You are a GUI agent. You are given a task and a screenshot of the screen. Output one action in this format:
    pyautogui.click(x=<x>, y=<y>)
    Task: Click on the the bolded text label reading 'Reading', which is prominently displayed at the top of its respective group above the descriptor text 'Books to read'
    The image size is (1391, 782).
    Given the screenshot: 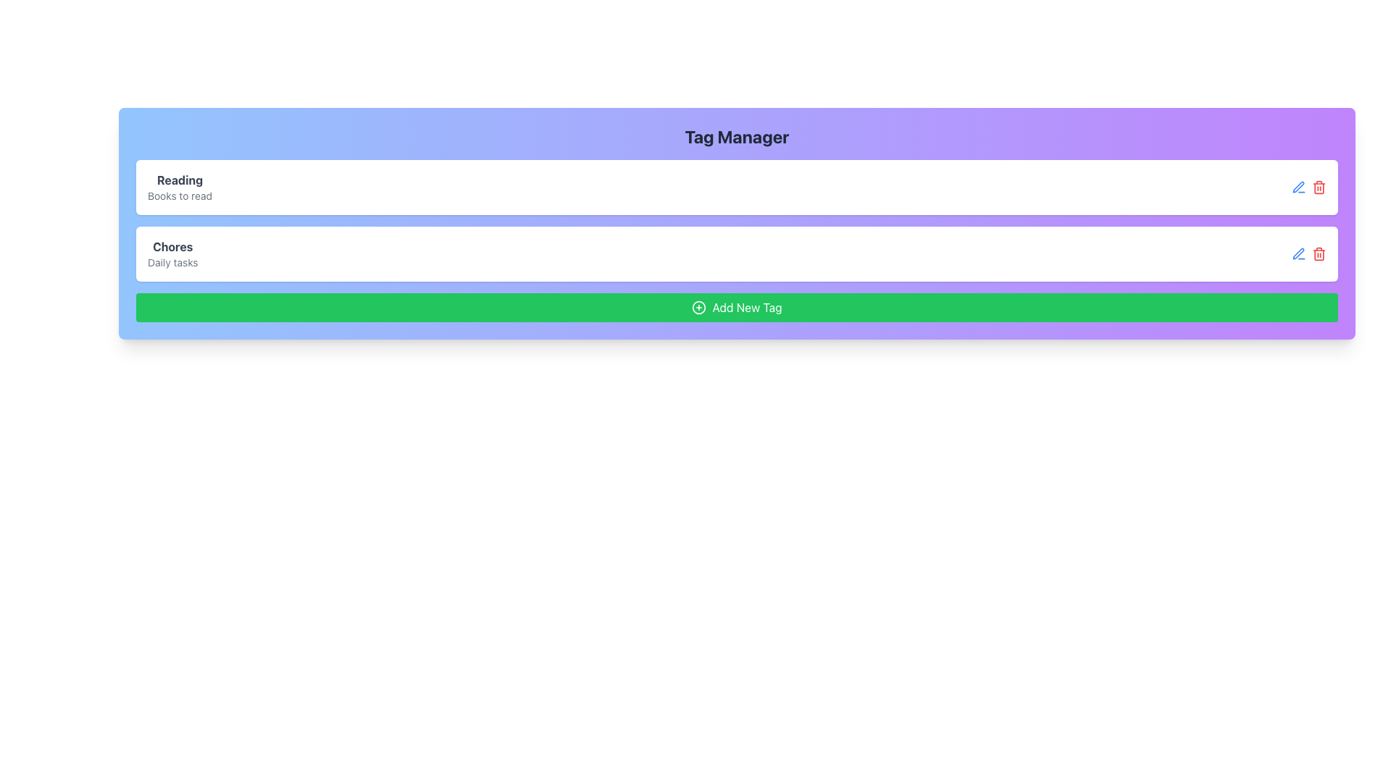 What is the action you would take?
    pyautogui.click(x=179, y=180)
    